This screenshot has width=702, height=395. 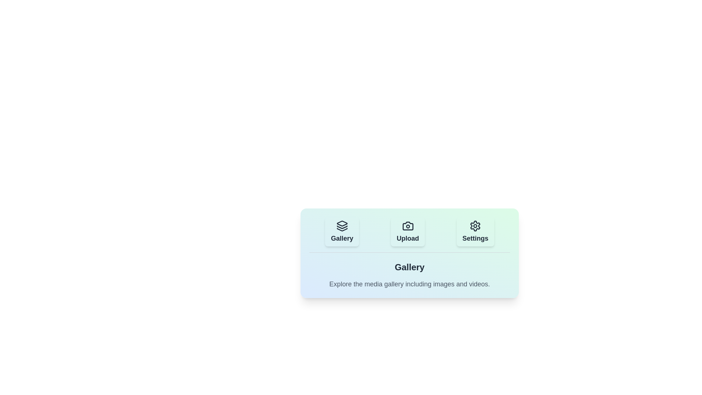 What do you see at coordinates (341, 232) in the screenshot?
I see `the tab button labeled Gallery to observe visual feedback` at bounding box center [341, 232].